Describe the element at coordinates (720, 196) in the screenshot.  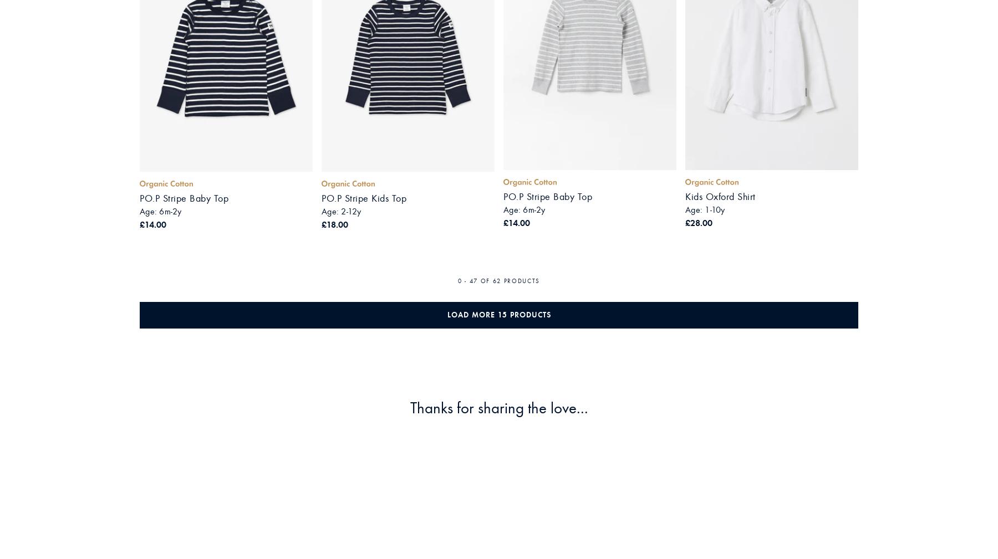
I see `'Kids Oxford Shirt'` at that location.